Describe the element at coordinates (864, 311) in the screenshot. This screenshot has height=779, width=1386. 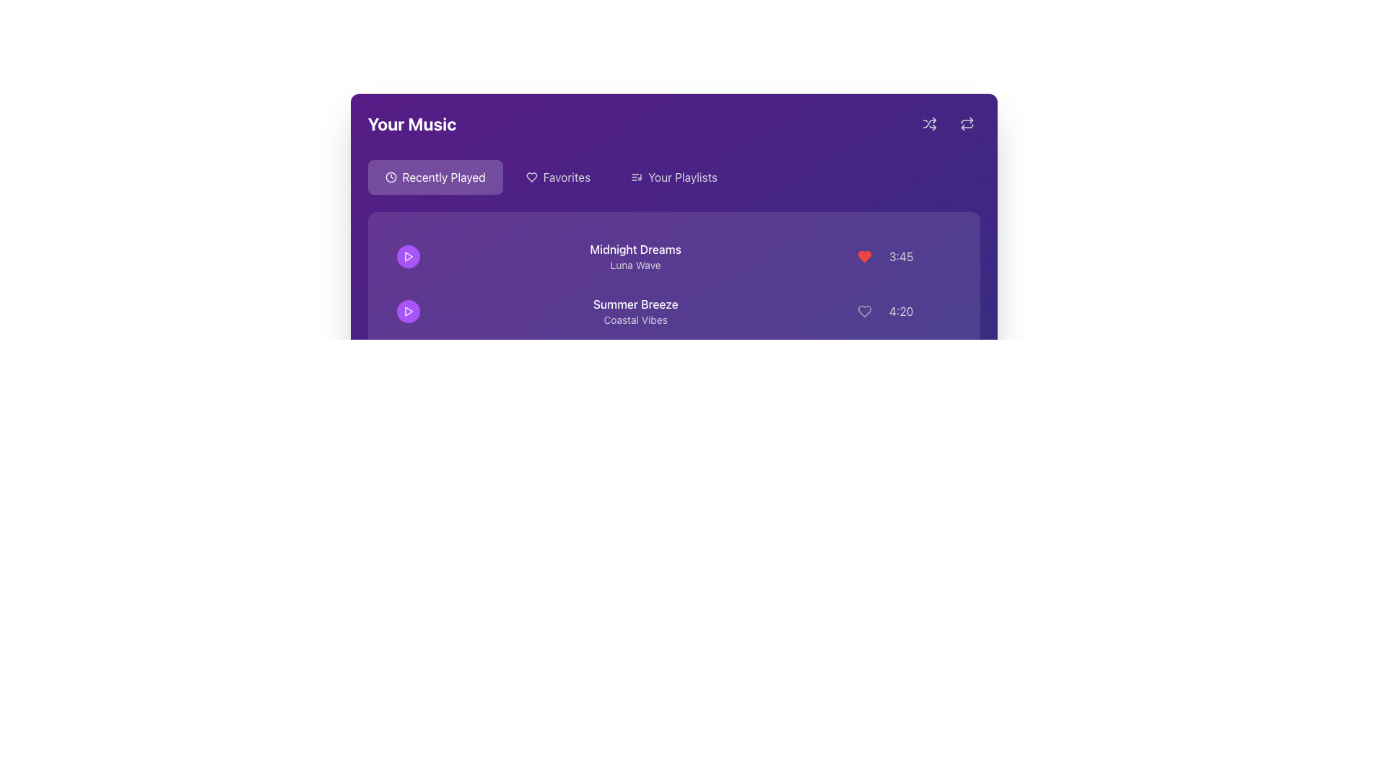
I see `the heart-shaped icon button located in the first row of the playlist interface under 'Midnight Dreams'` at that location.